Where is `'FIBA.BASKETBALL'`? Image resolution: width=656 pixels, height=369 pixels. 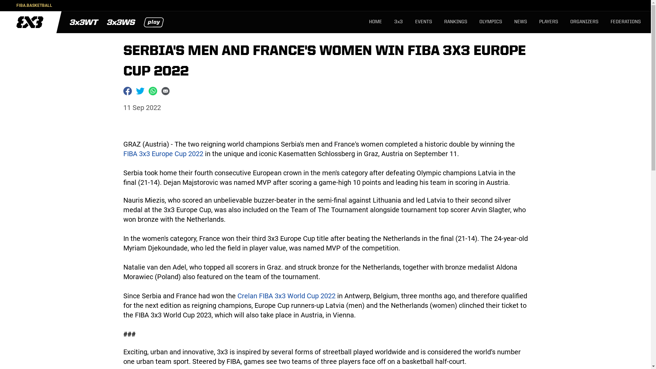 'FIBA.BASKETBALL' is located at coordinates (34, 5).